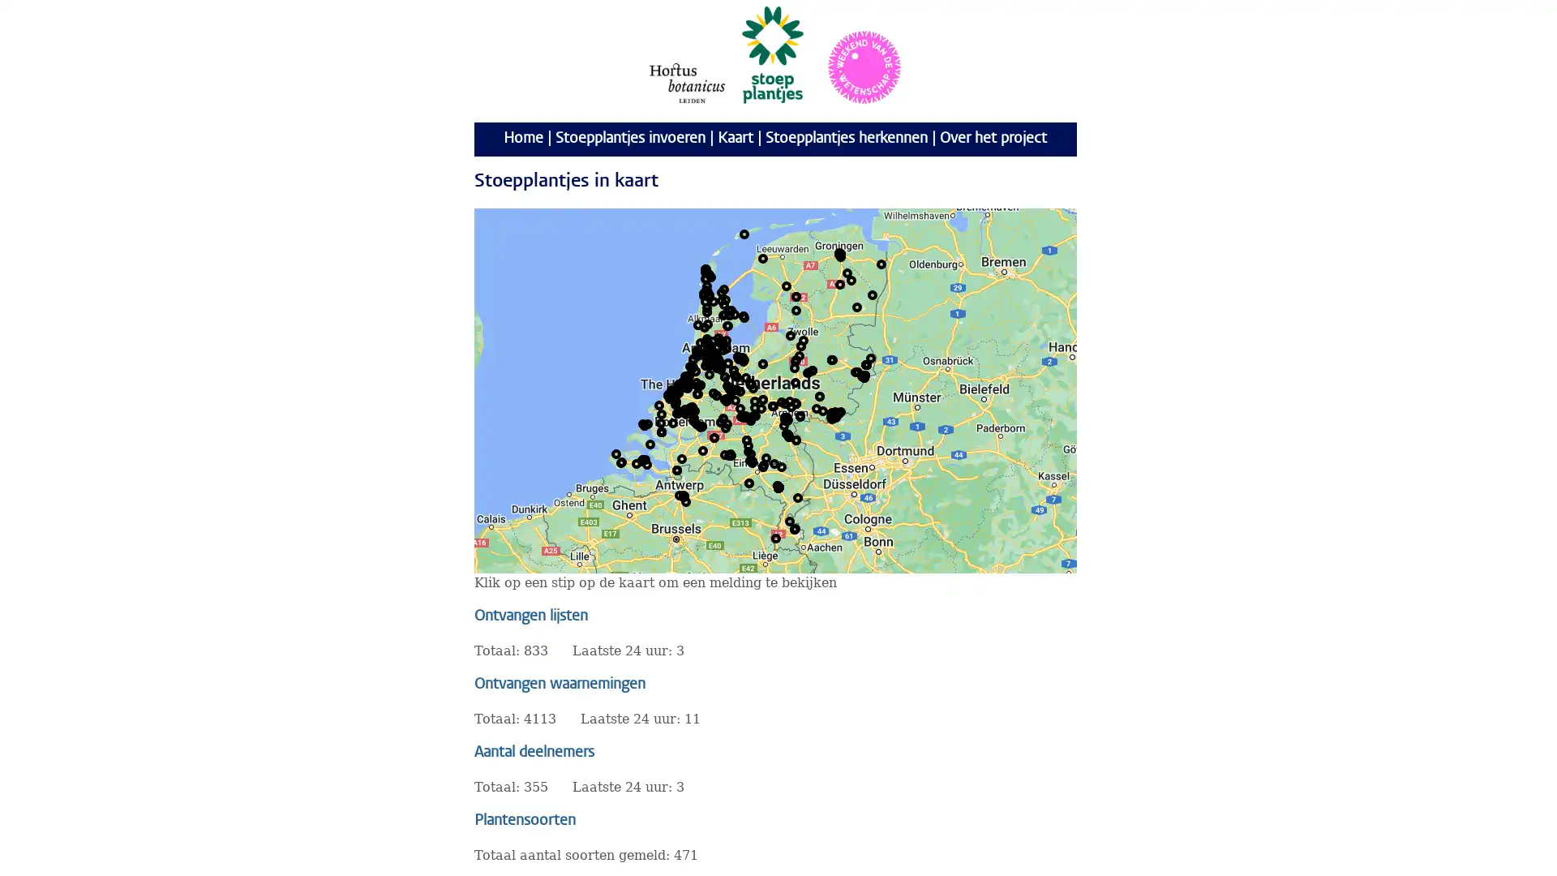 This screenshot has height=876, width=1557. I want to click on Telling van op 12 juni 2022, so click(750, 417).